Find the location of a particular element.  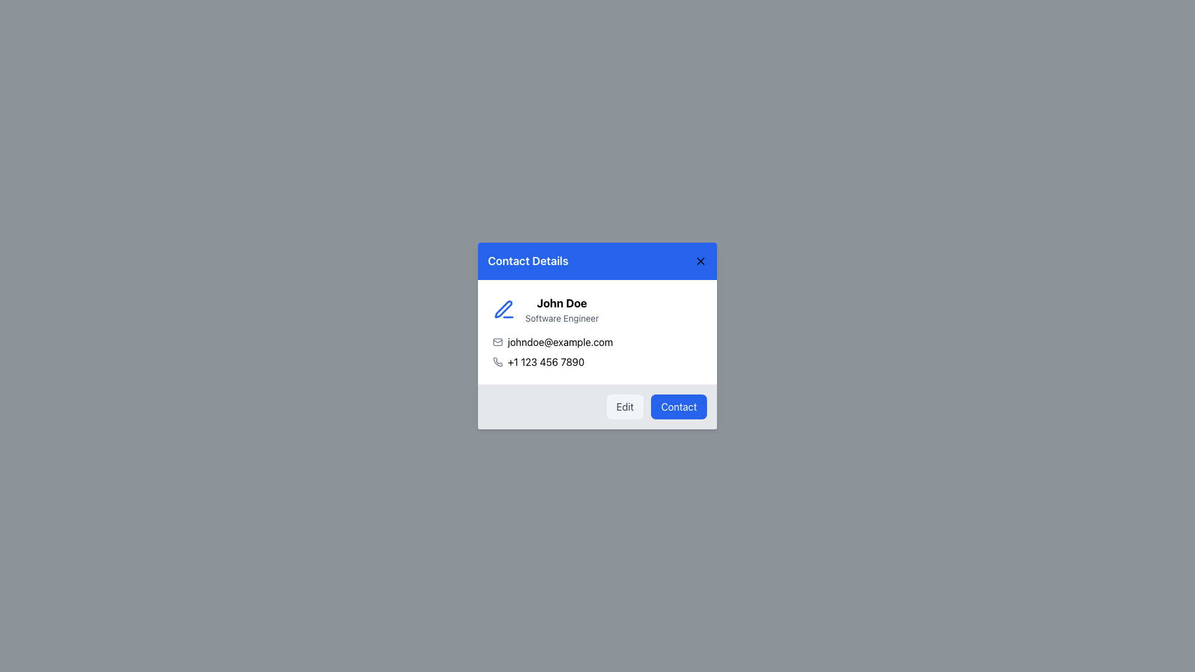

the close button represented by a cross icon located in the top-right blue bar of the dialog box, aligned with the text 'Contact Details' is located at coordinates (701, 261).